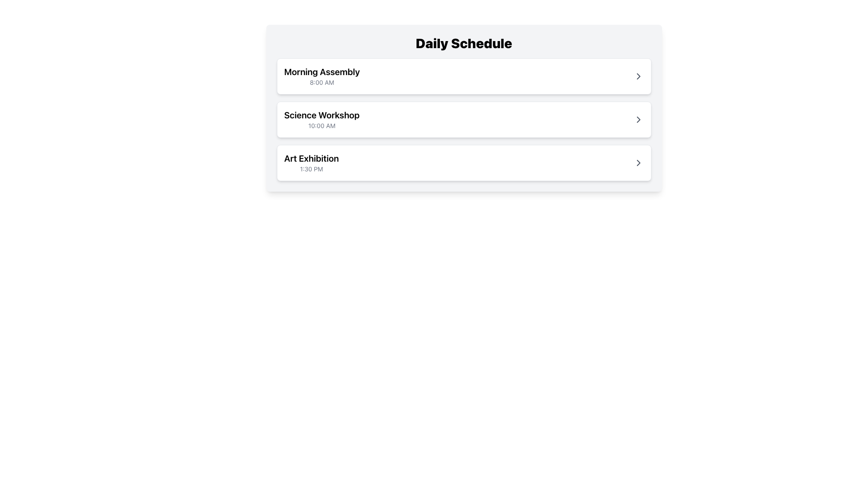  I want to click on the iconography of the arrow icon located in the right section of the list item labeled 'Art Exhibition 1:30 PM' in the daily schedule, so click(638, 163).